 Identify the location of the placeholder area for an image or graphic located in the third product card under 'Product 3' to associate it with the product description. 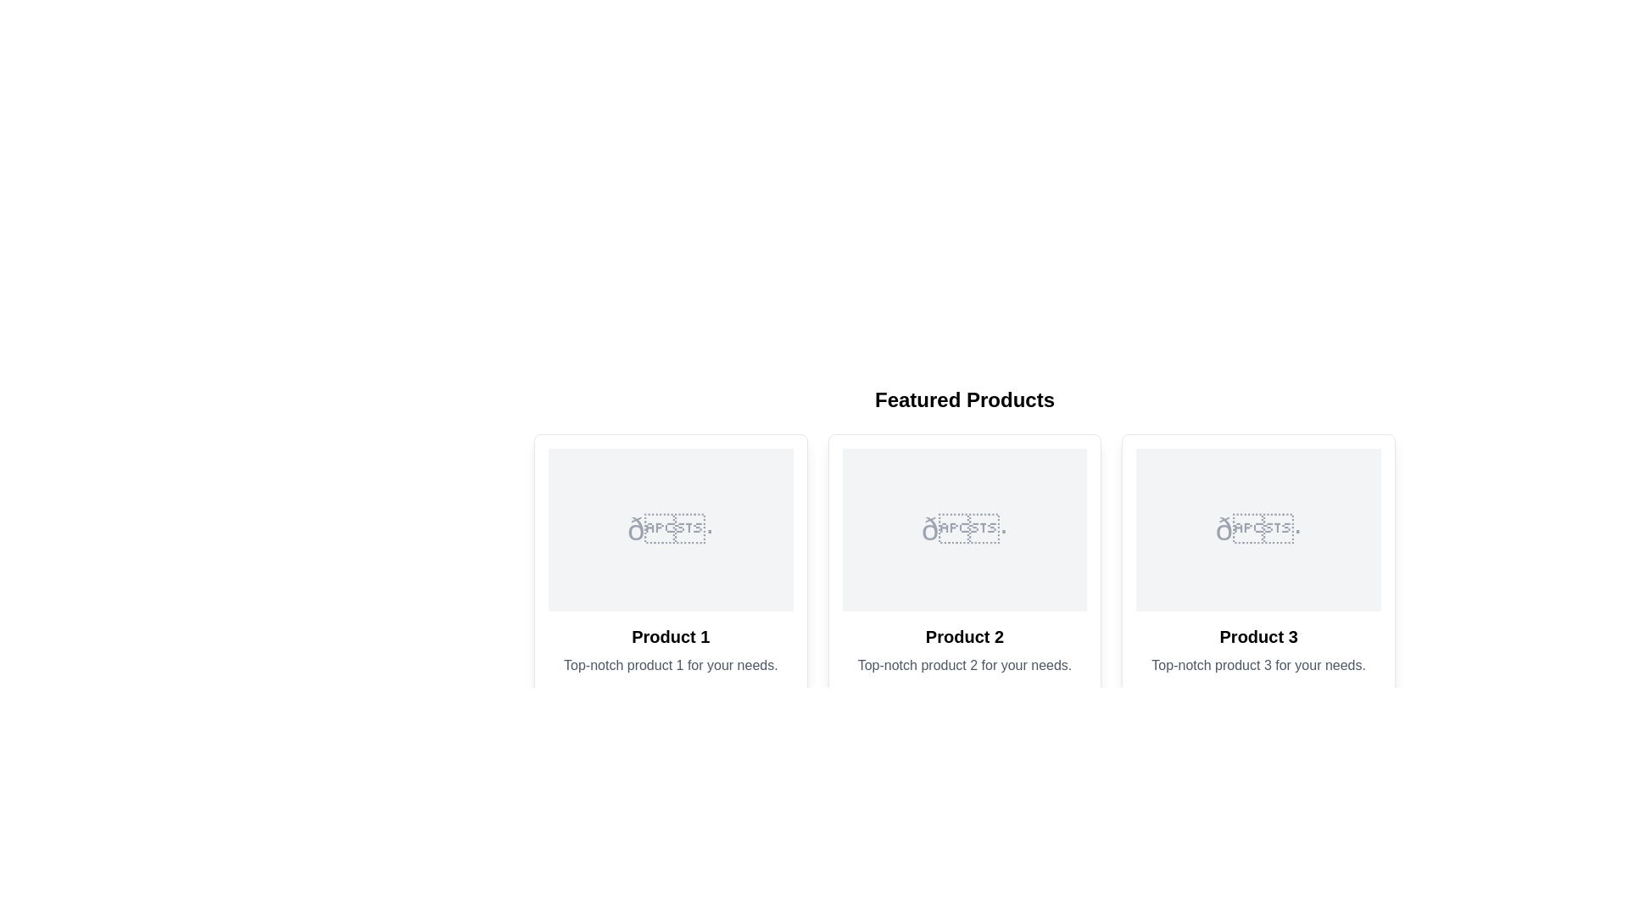
(1258, 528).